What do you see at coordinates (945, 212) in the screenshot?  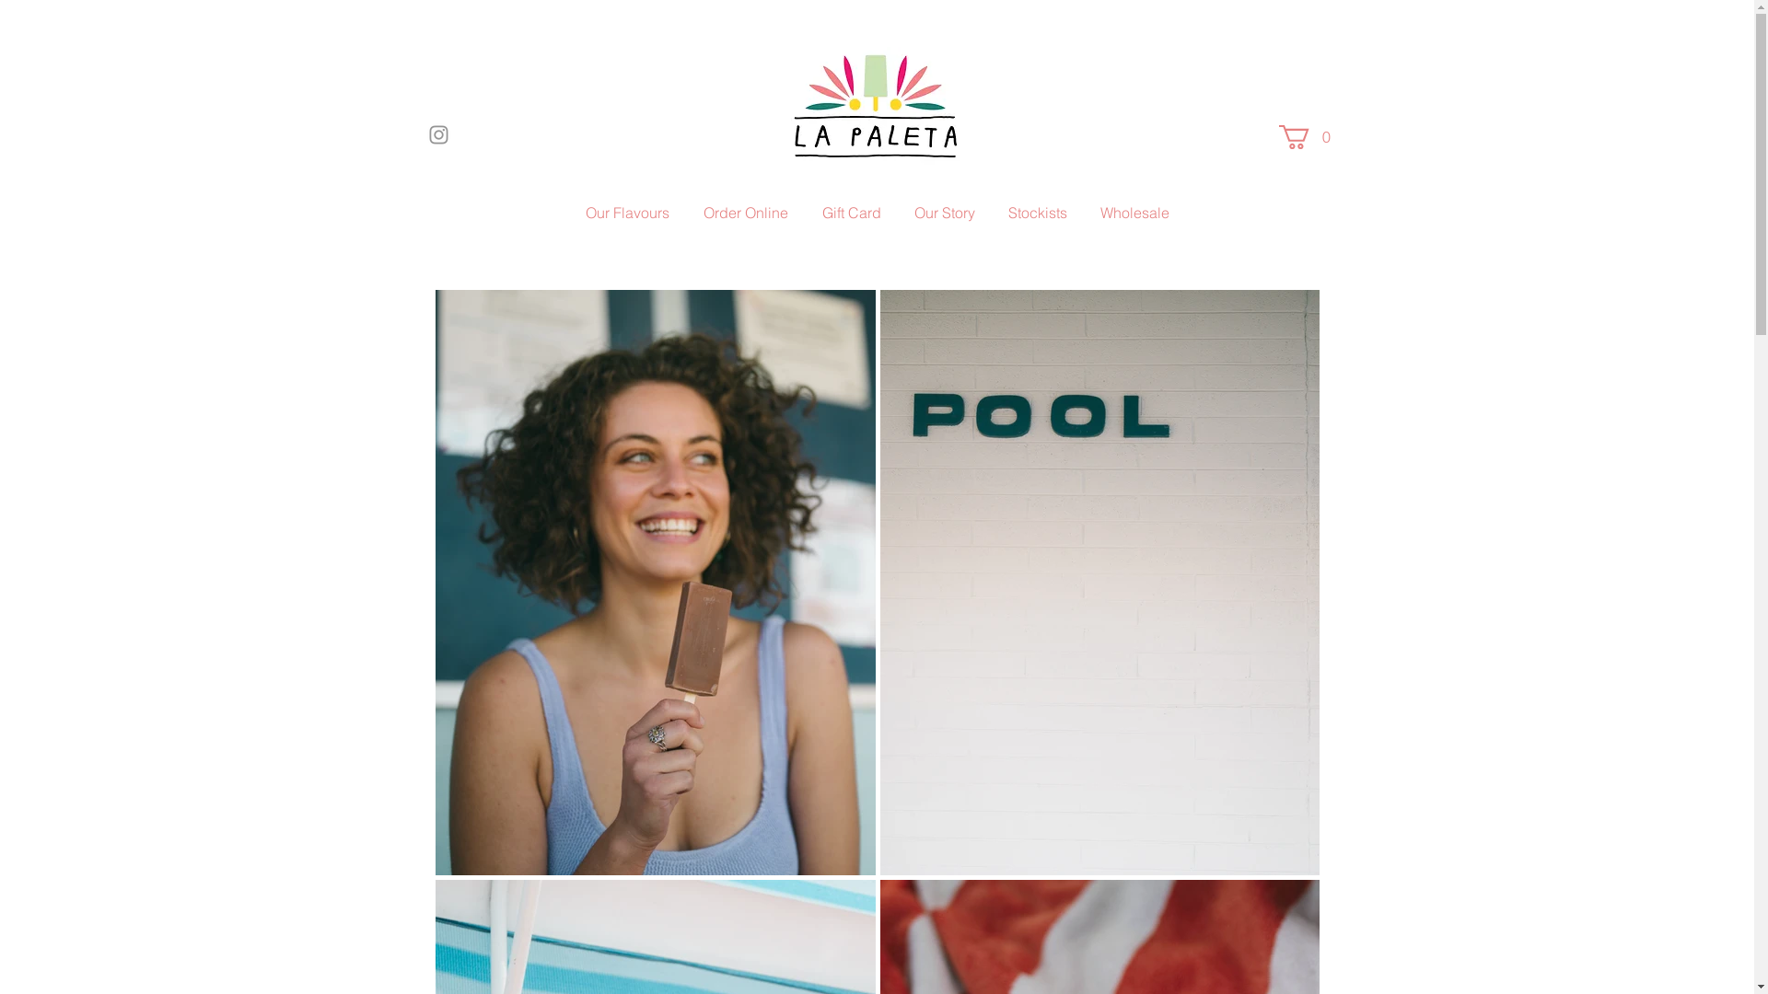 I see `'Our Story'` at bounding box center [945, 212].